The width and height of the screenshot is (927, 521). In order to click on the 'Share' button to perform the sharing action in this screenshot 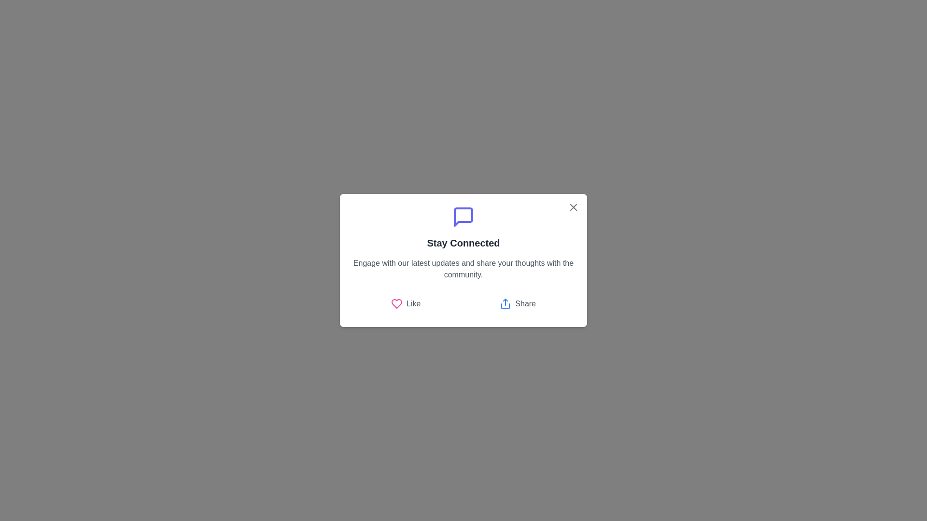, I will do `click(517, 303)`.